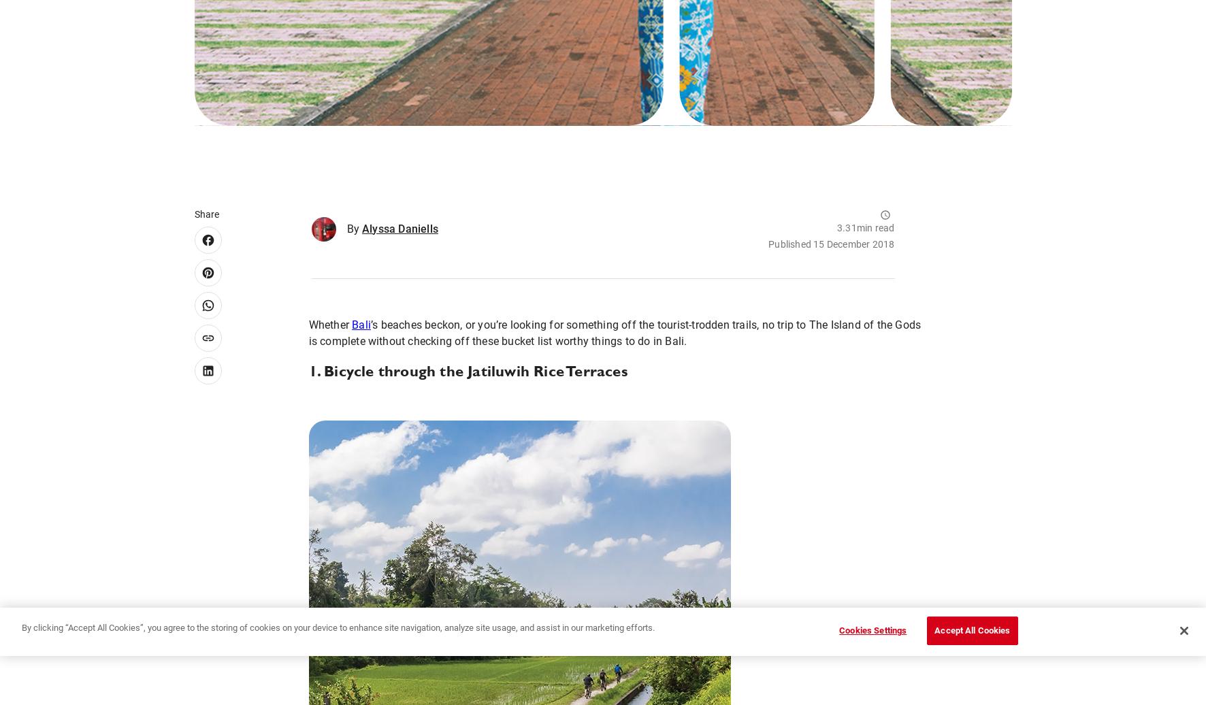  I want to click on '3.31min read', so click(865, 227).